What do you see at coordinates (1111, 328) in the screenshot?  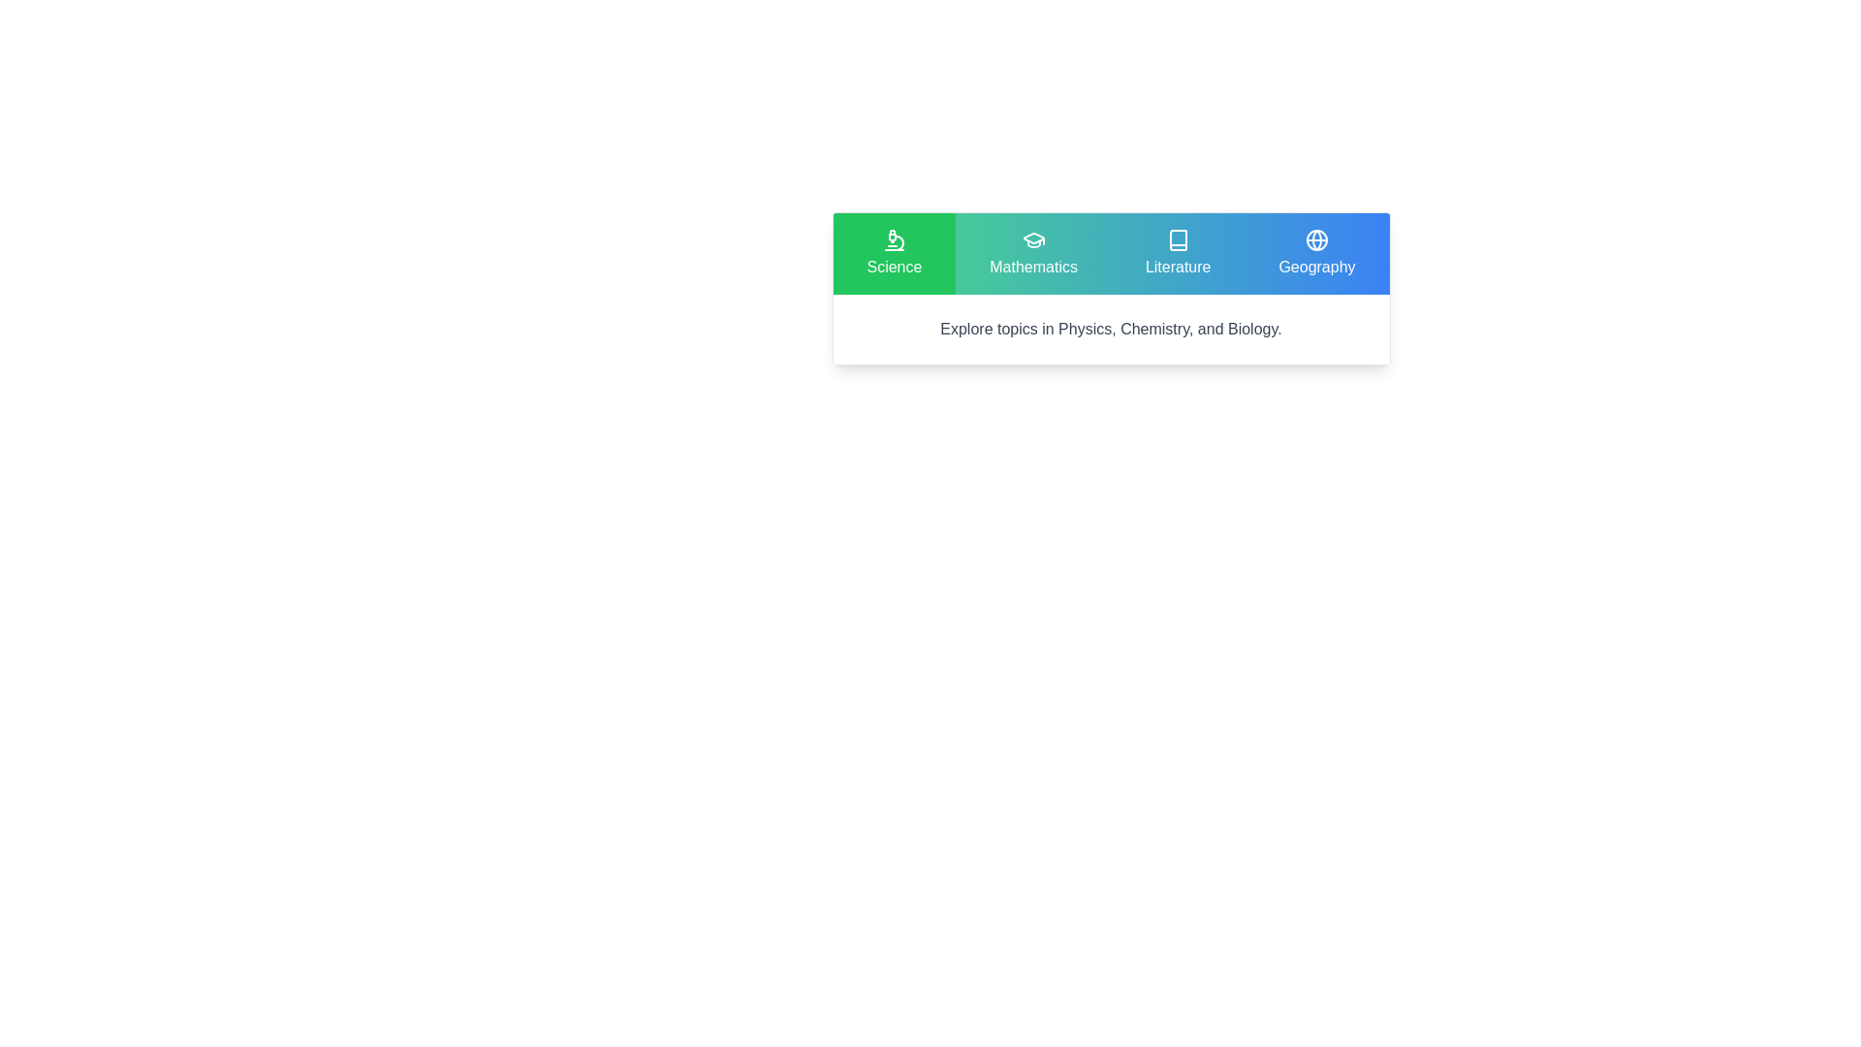 I see `descriptive text block providing information about Physics, Chemistry, and Biology, located under the categories of Science, Mathematics, Literature, and Geography` at bounding box center [1111, 328].